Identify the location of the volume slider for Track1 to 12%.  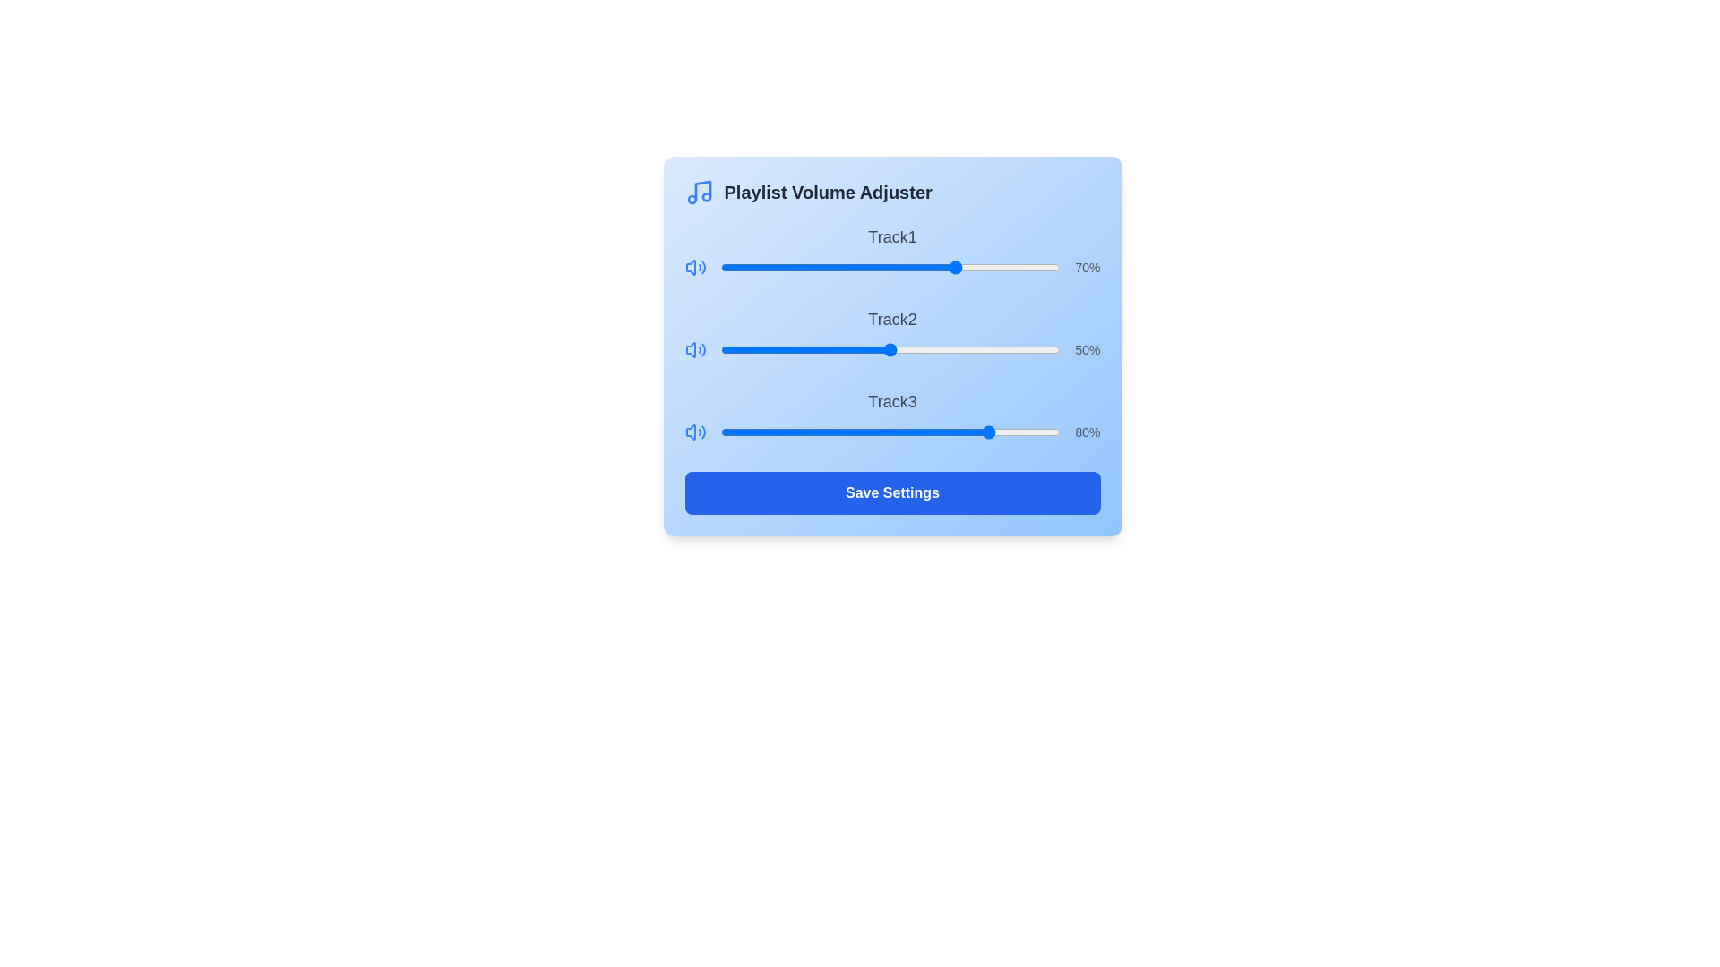
(761, 268).